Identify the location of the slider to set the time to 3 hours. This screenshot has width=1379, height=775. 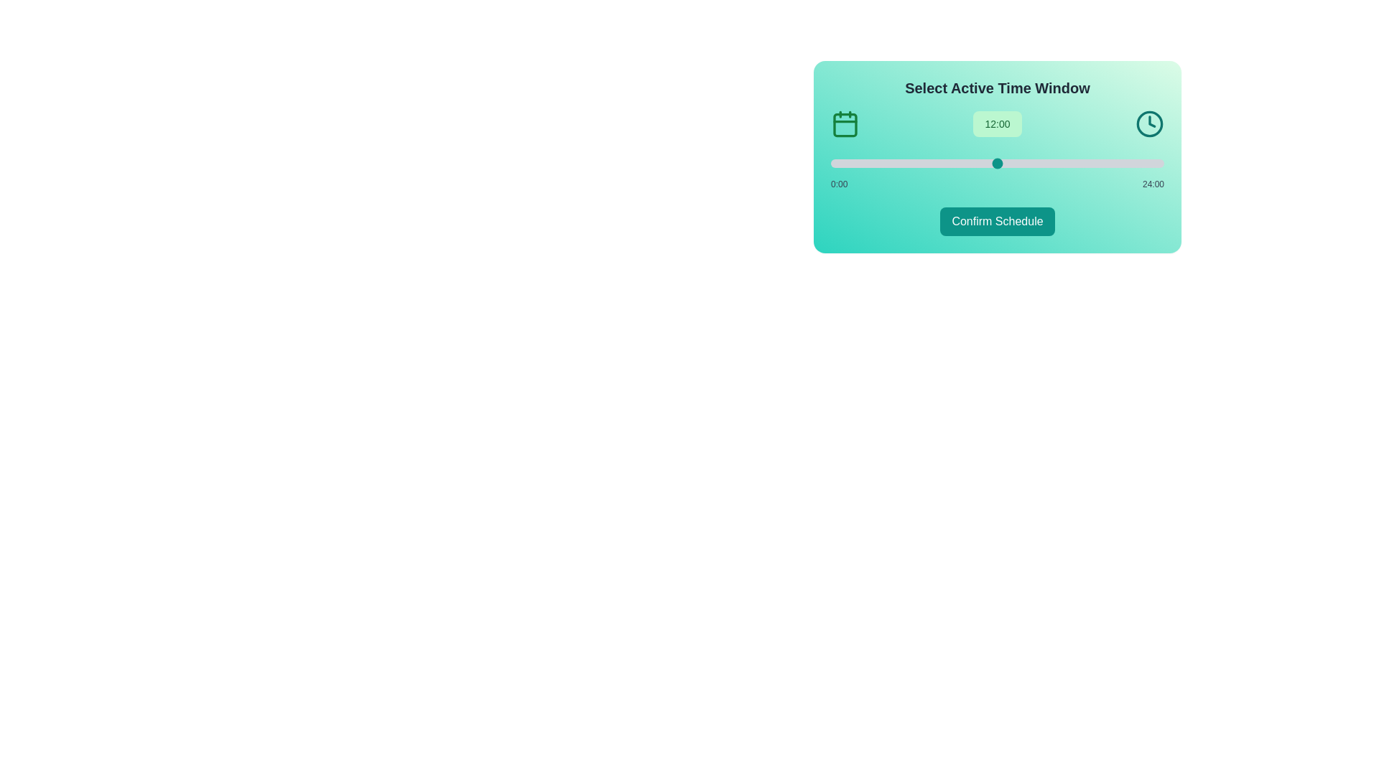
(871, 162).